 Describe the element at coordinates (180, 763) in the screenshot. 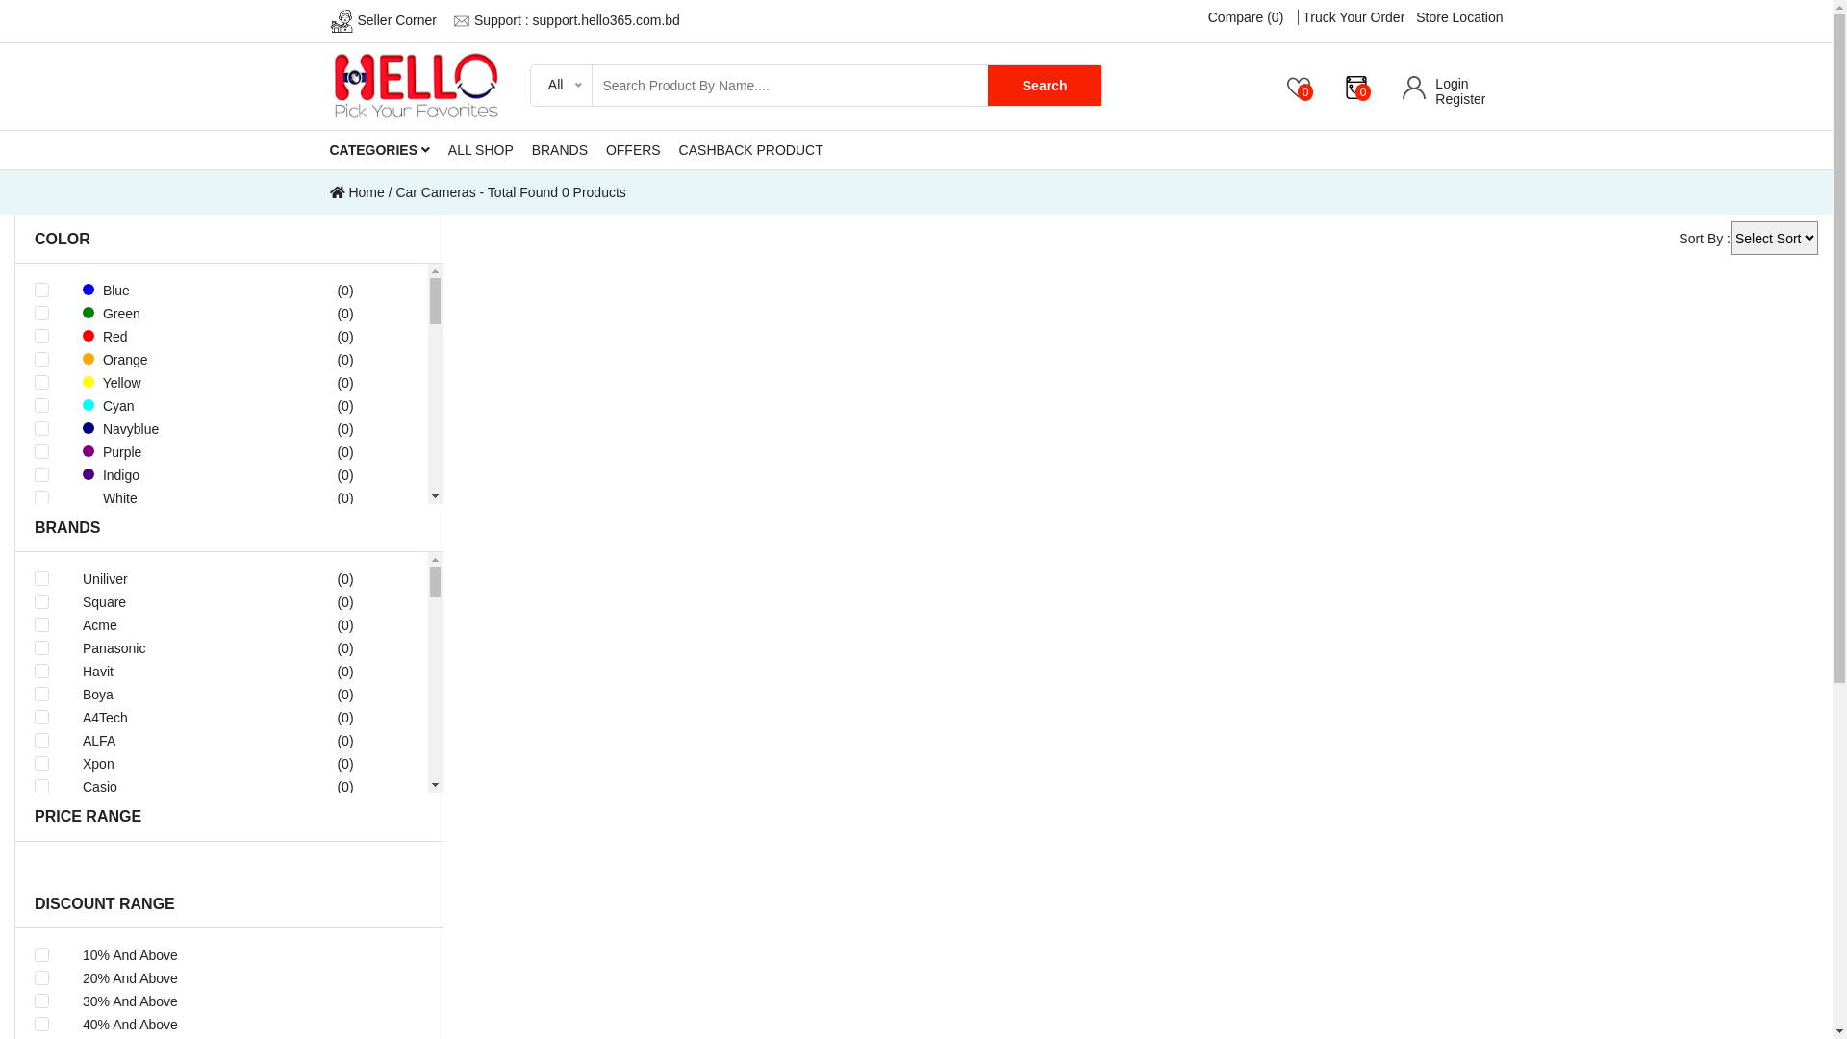

I see `'Xpon'` at that location.